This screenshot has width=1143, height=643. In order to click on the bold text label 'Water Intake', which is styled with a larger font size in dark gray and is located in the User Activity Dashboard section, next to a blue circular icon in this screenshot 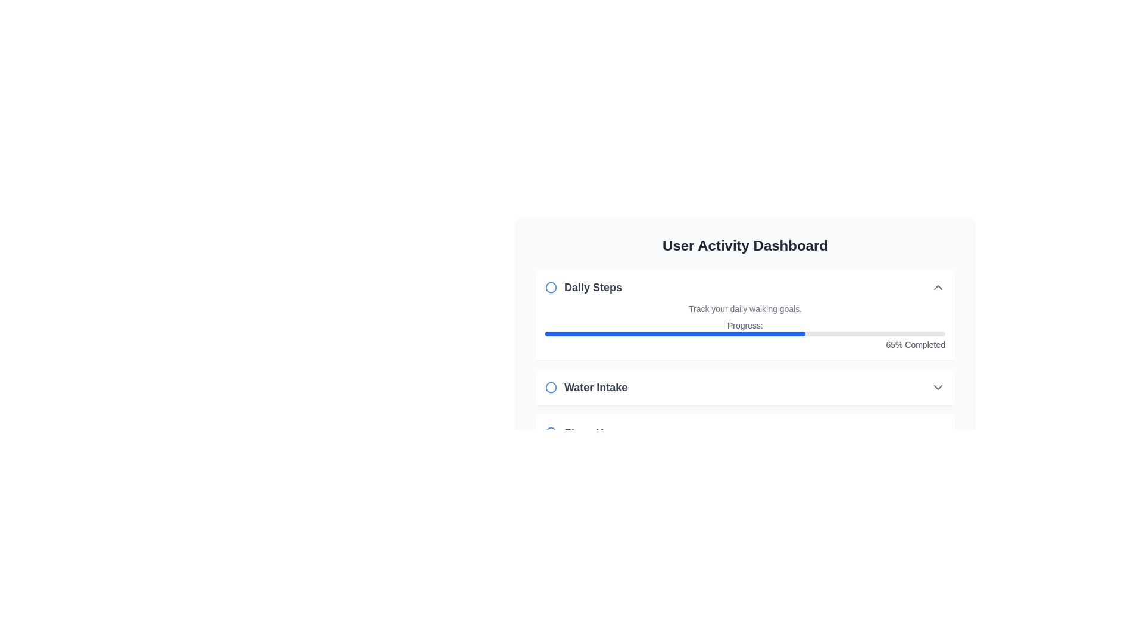, I will do `click(596, 388)`.